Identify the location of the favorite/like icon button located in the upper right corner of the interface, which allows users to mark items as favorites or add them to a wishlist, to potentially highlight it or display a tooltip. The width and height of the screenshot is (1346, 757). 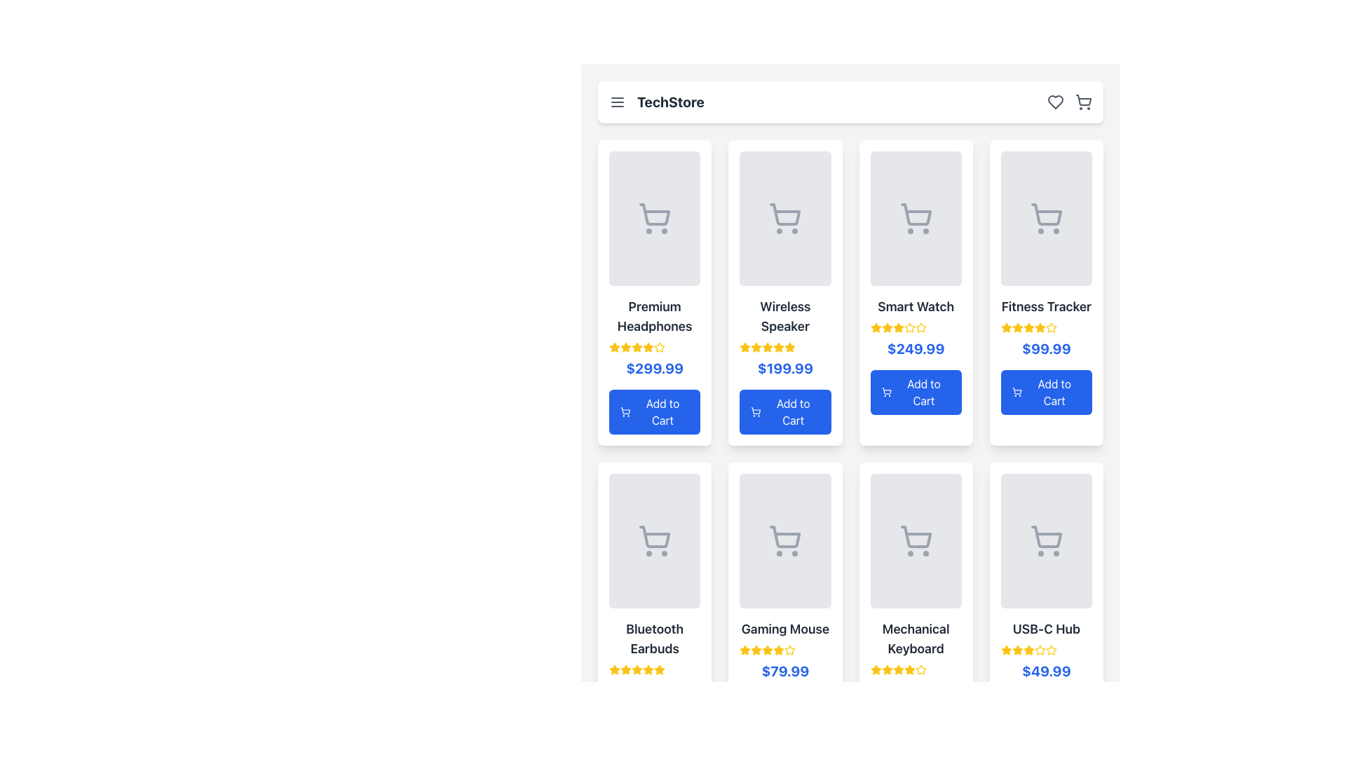
(1056, 102).